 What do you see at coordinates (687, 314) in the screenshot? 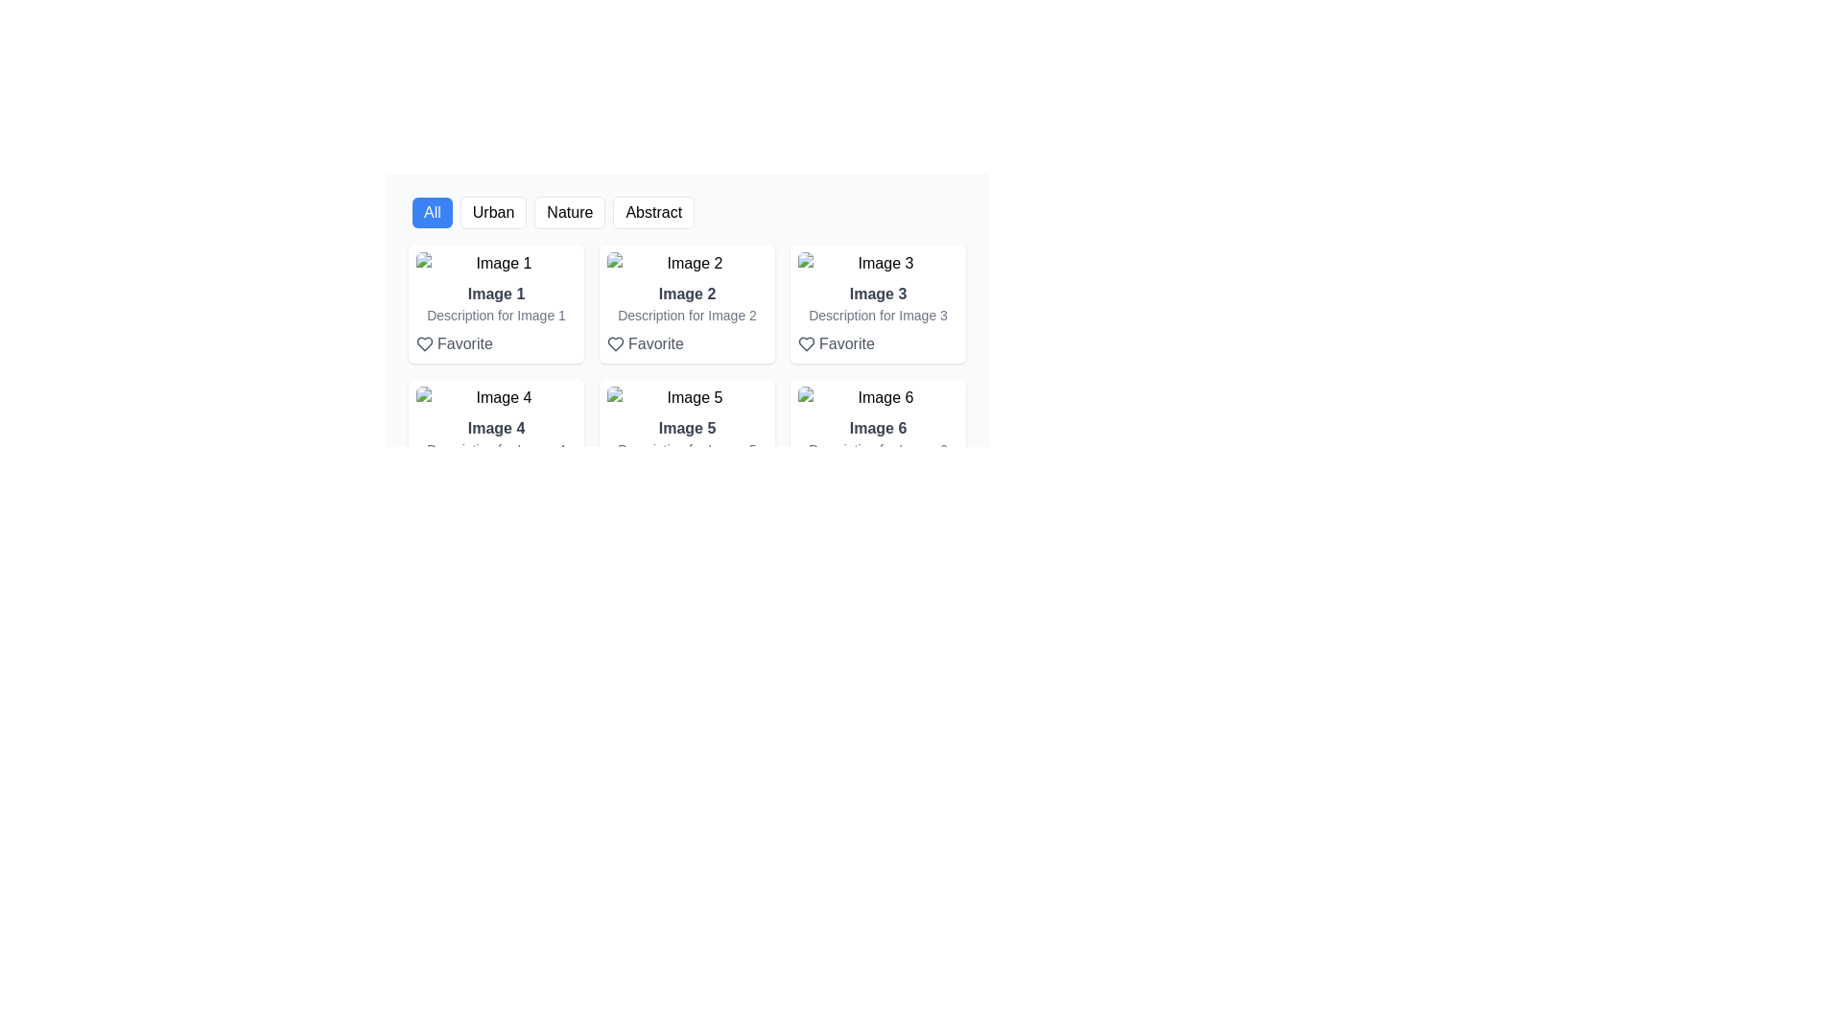
I see `the descriptive text label located below 'Image 2' and above the 'Favorite' button in the grid layout` at bounding box center [687, 314].